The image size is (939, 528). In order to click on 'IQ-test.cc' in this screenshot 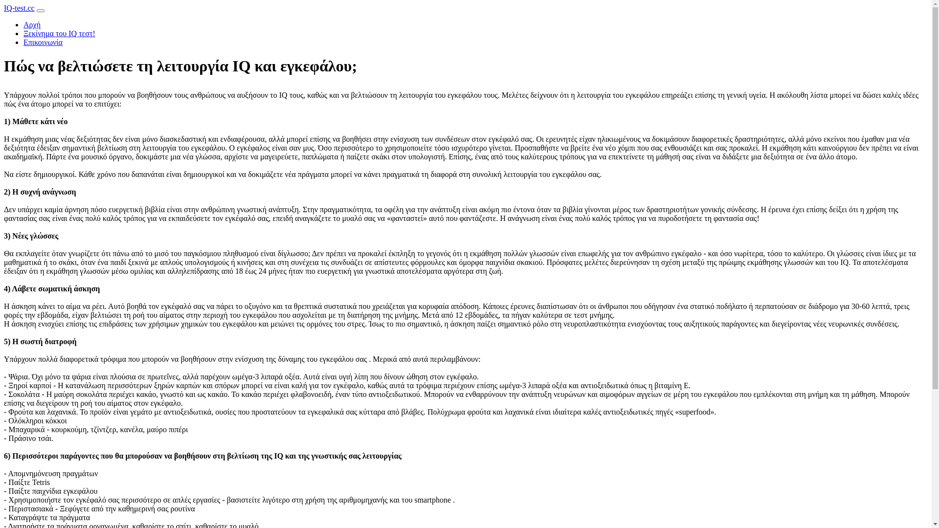, I will do `click(19, 8)`.